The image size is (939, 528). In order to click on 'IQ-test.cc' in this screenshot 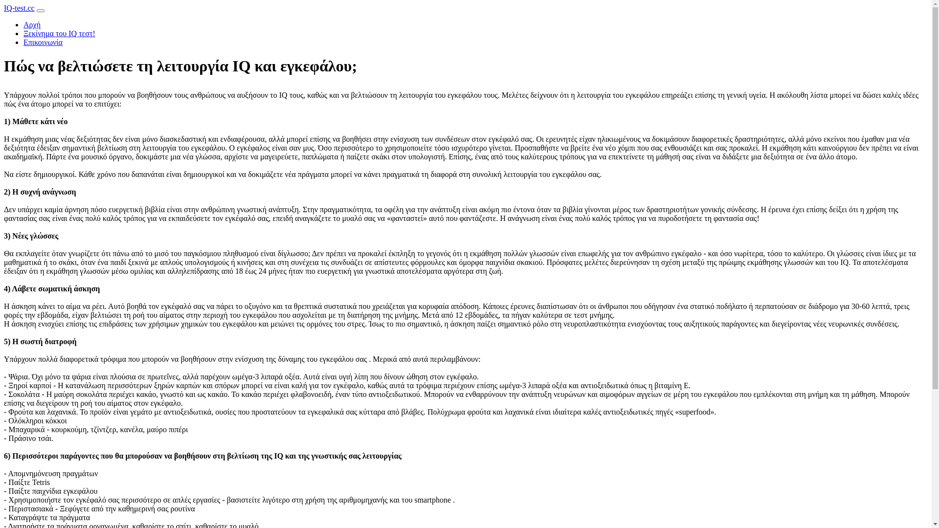, I will do `click(19, 8)`.